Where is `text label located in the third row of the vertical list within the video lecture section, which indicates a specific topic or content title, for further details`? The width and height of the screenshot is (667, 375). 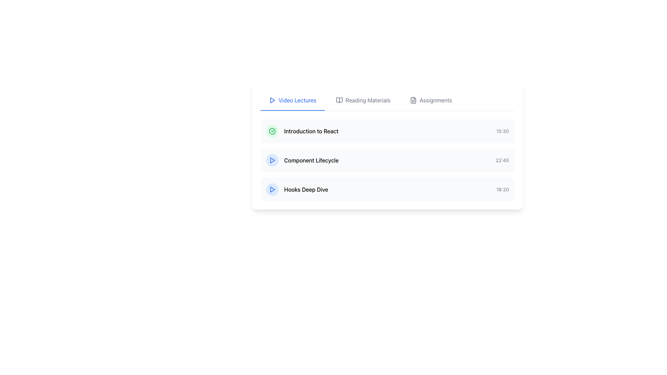
text label located in the third row of the vertical list within the video lecture section, which indicates a specific topic or content title, for further details is located at coordinates (306, 190).